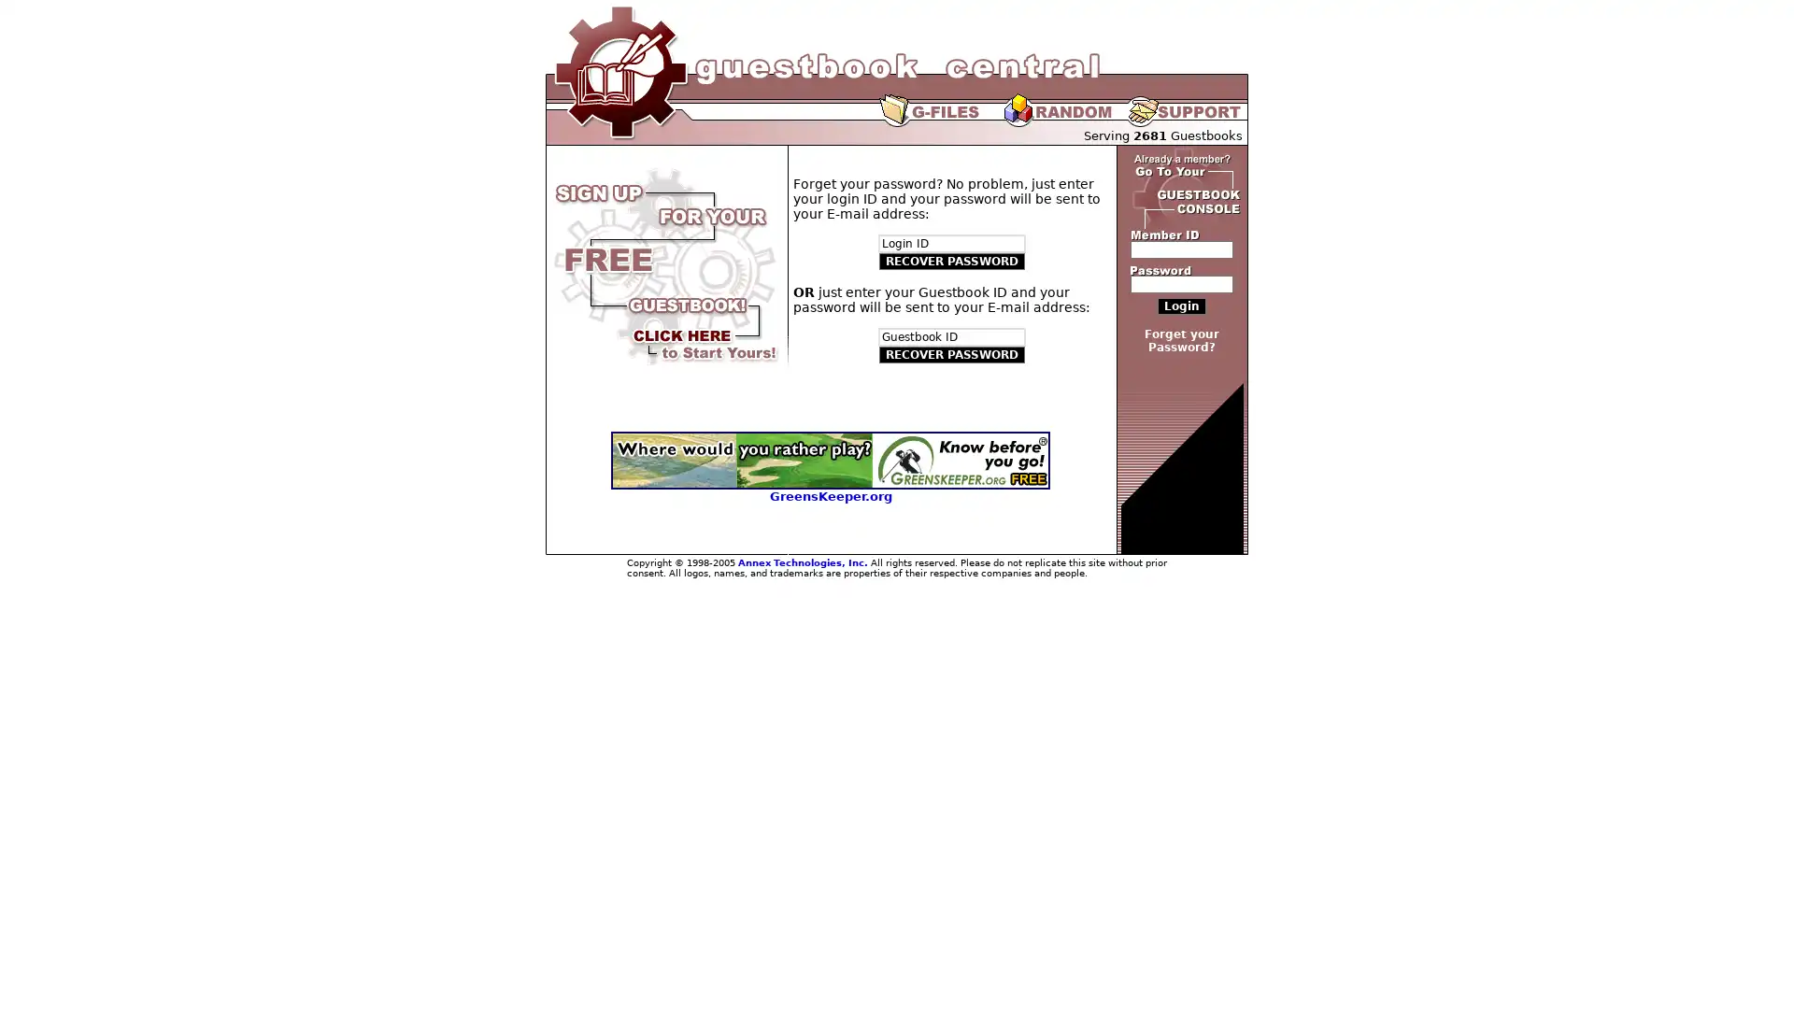 The image size is (1794, 1009). I want to click on RECOVER PASSWORD, so click(951, 262).